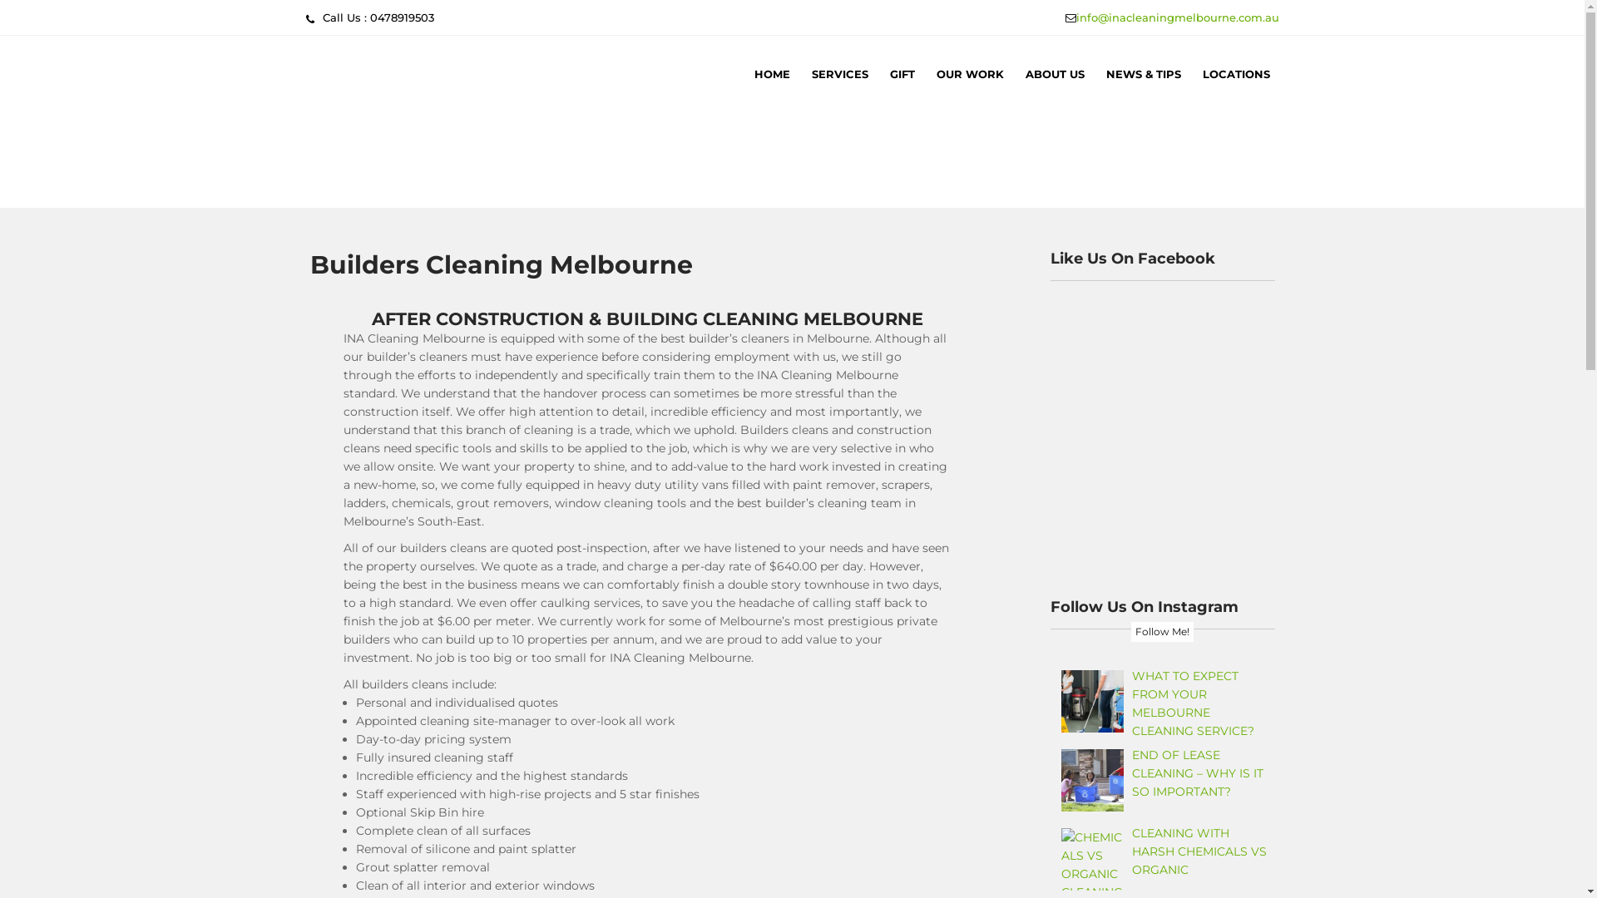 Image resolution: width=1597 pixels, height=898 pixels. I want to click on 'Follow Me!', so click(1130, 631).